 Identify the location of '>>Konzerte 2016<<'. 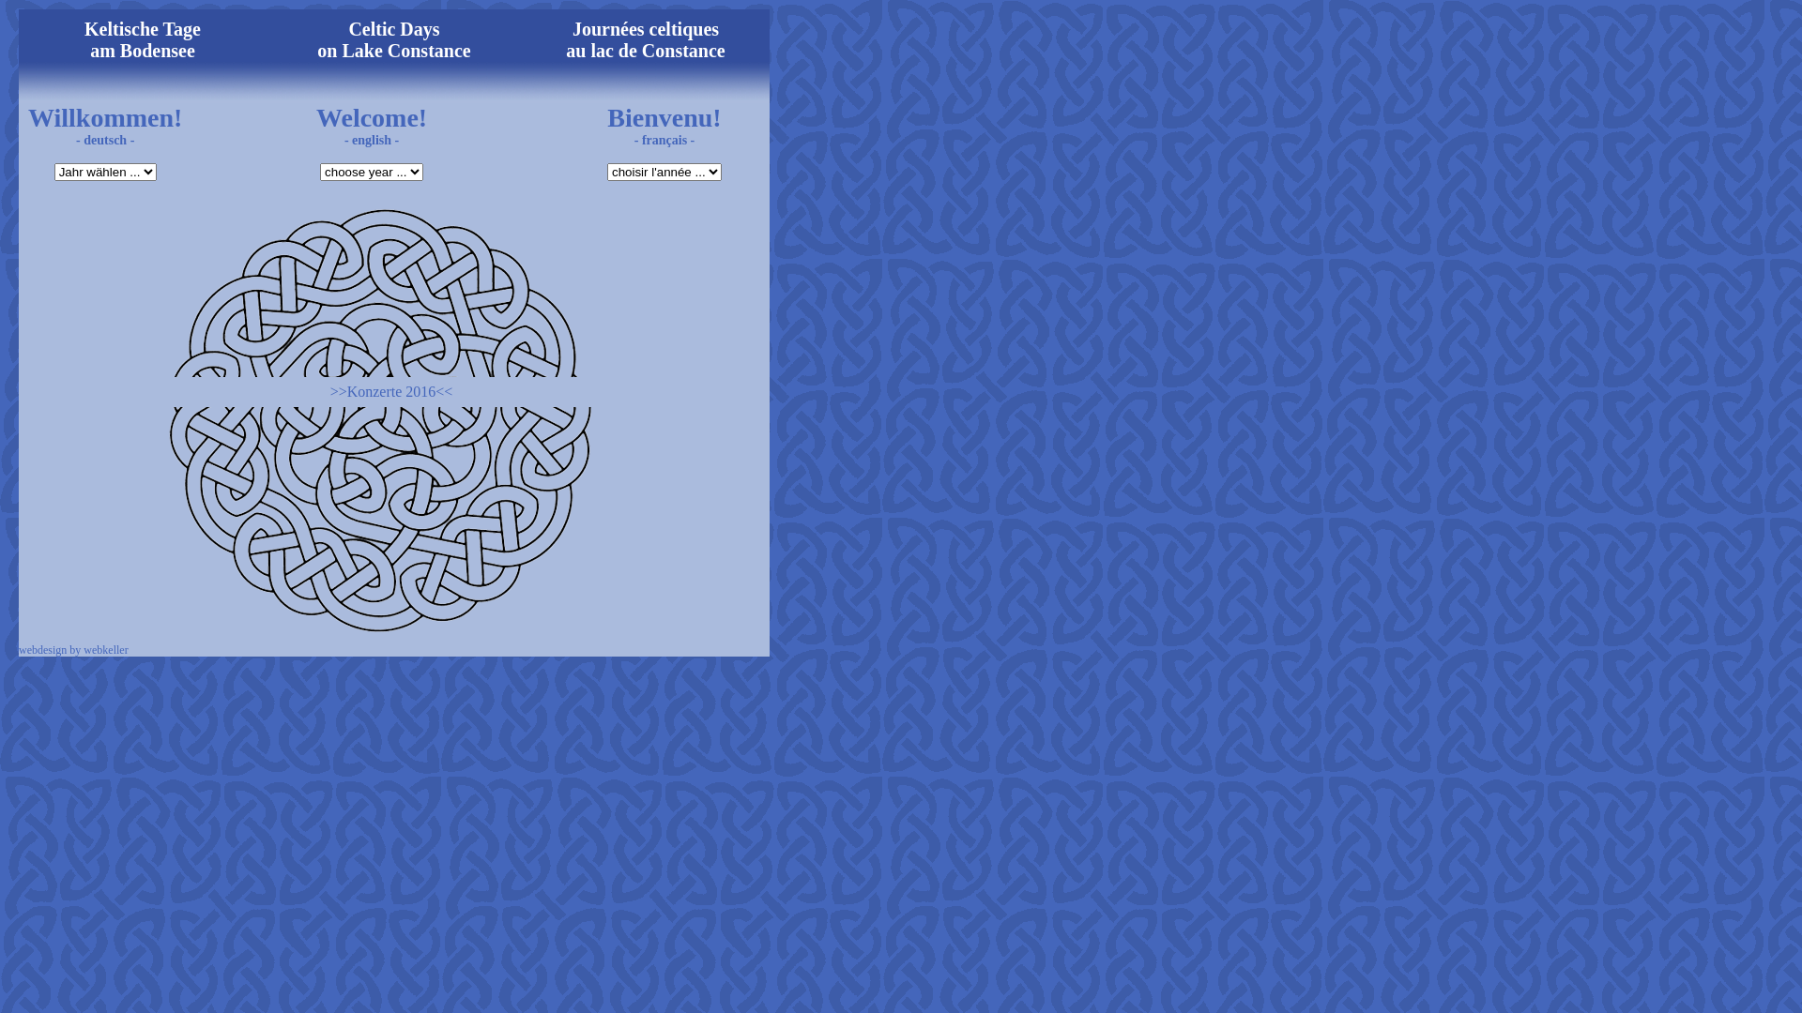
(390, 390).